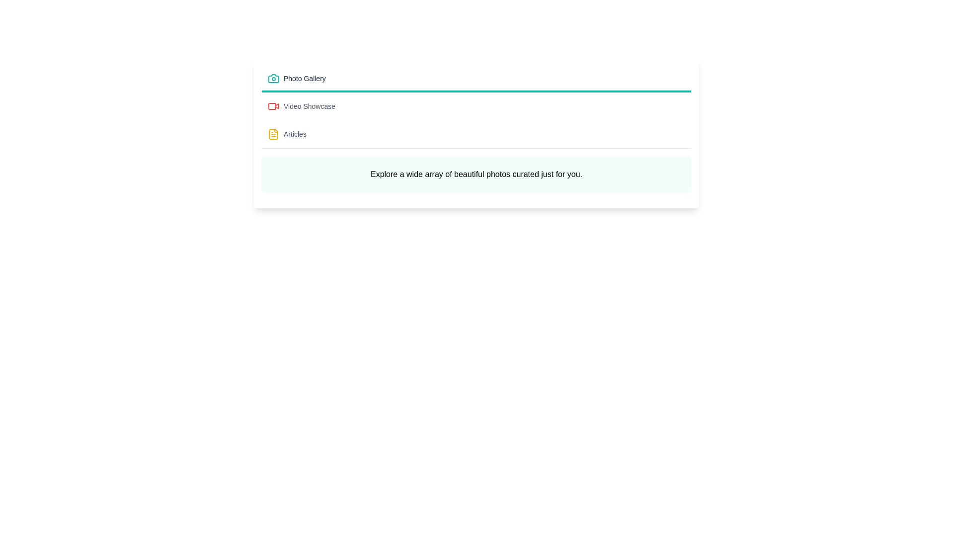 The height and width of the screenshot is (537, 954). What do you see at coordinates (476, 135) in the screenshot?
I see `the tab corresponding to Articles` at bounding box center [476, 135].